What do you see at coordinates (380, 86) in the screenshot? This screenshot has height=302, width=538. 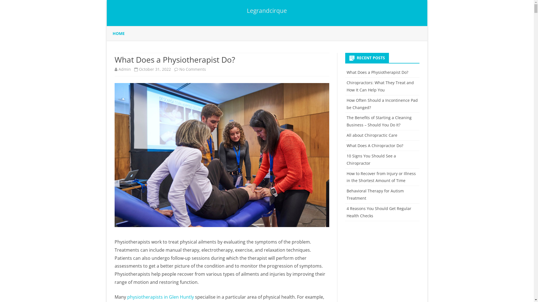 I see `'Chiropractors: What They Treat and How It Can Help You'` at bounding box center [380, 86].